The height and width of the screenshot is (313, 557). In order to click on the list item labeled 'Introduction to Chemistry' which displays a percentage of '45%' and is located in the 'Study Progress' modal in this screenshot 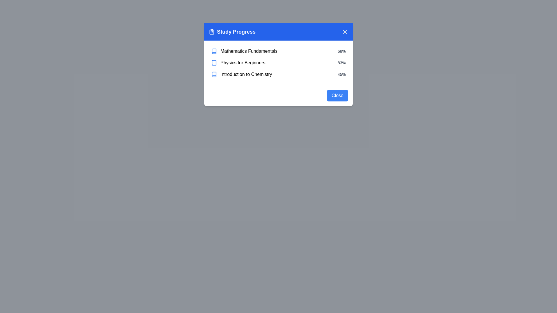, I will do `click(278, 74)`.